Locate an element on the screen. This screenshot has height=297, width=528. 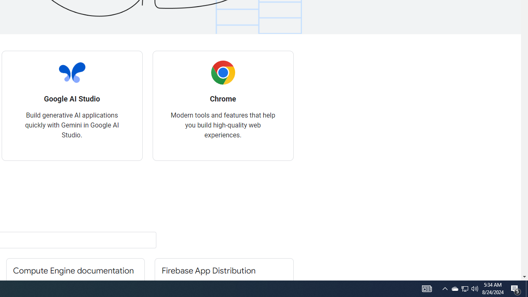
'Google AI Studio logo' is located at coordinates (72, 72).